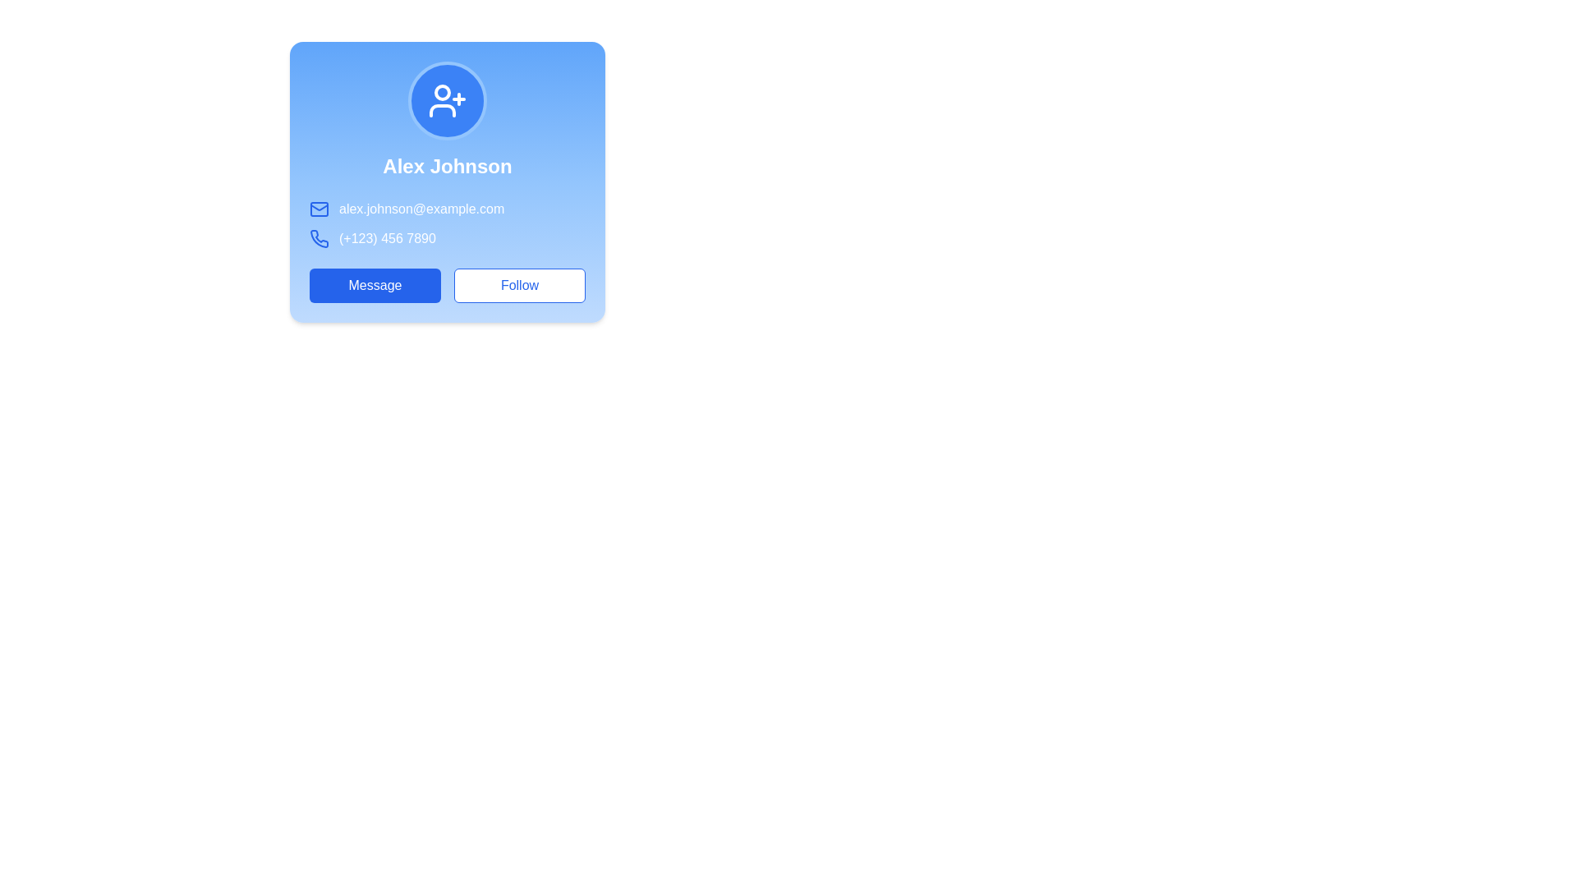 The width and height of the screenshot is (1577, 887). What do you see at coordinates (319, 238) in the screenshot?
I see `the phone number icon located to the left of the phone number '(+123) 456 7890' in the contact details region` at bounding box center [319, 238].